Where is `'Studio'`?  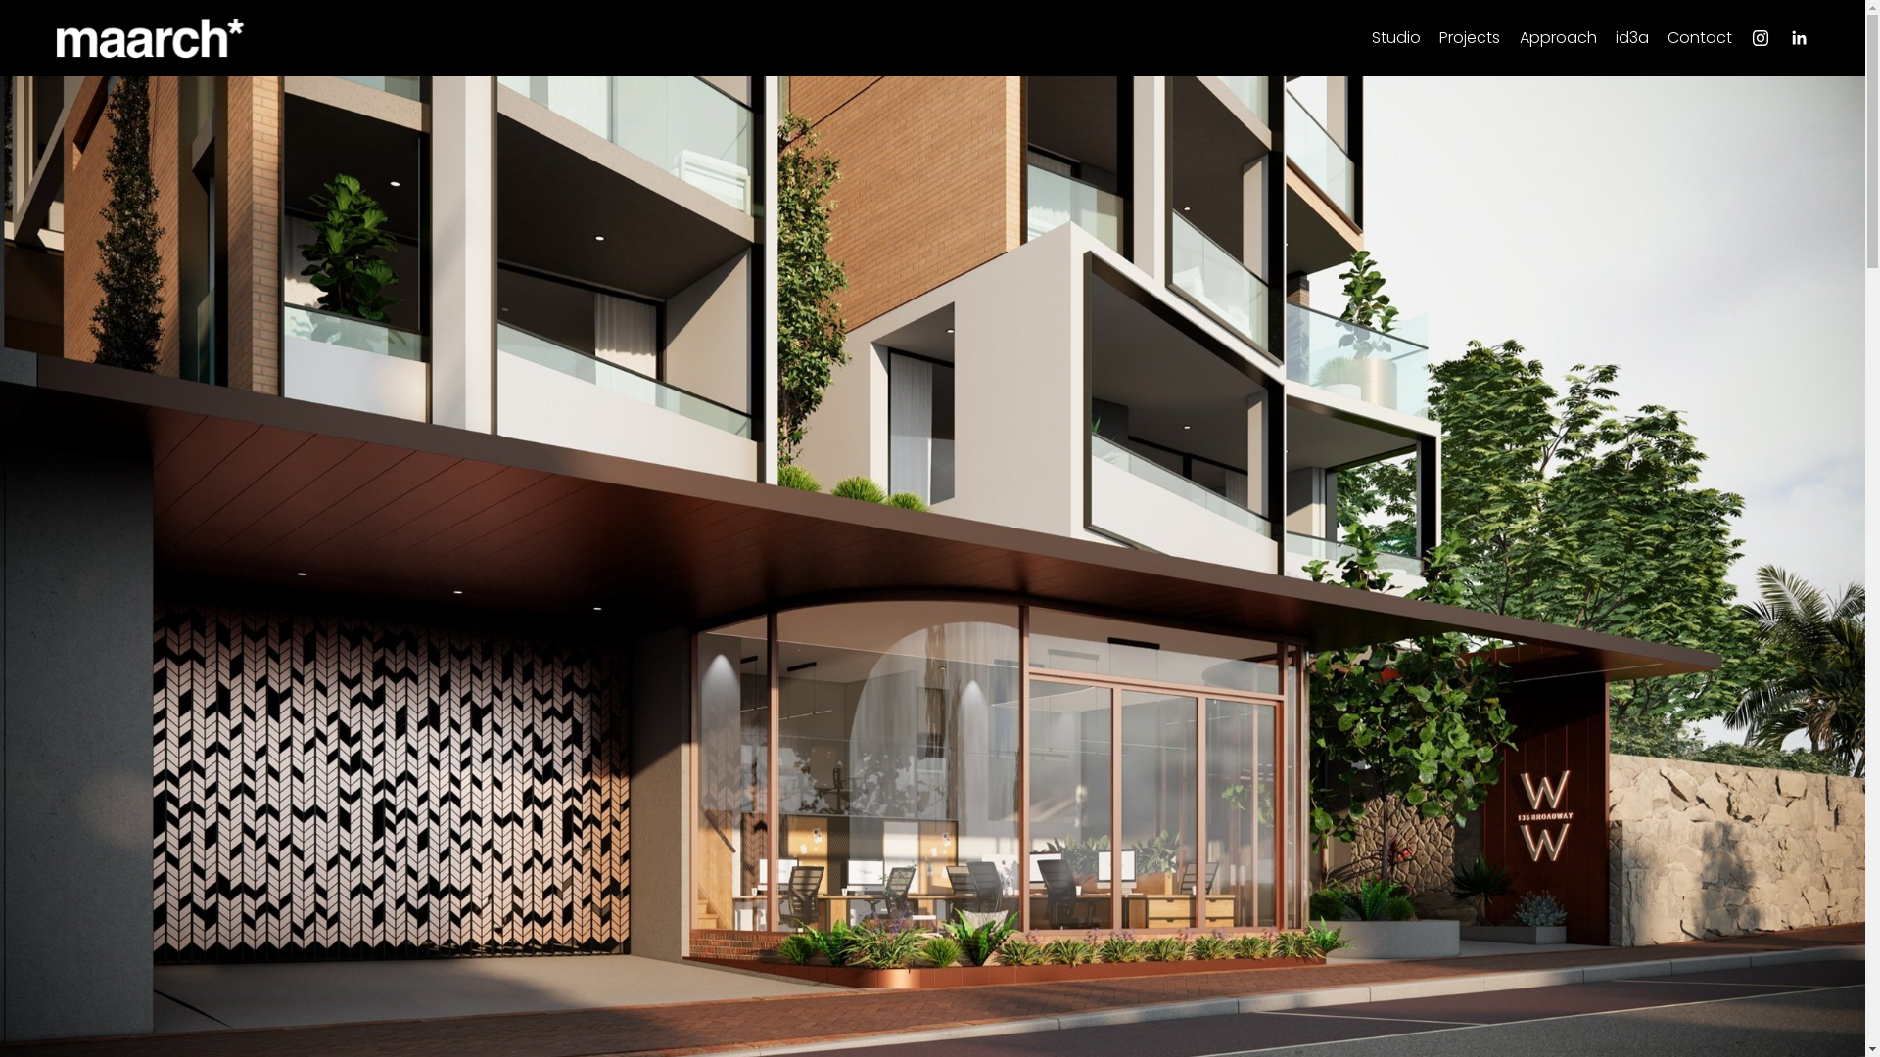
'Studio' is located at coordinates (1394, 37).